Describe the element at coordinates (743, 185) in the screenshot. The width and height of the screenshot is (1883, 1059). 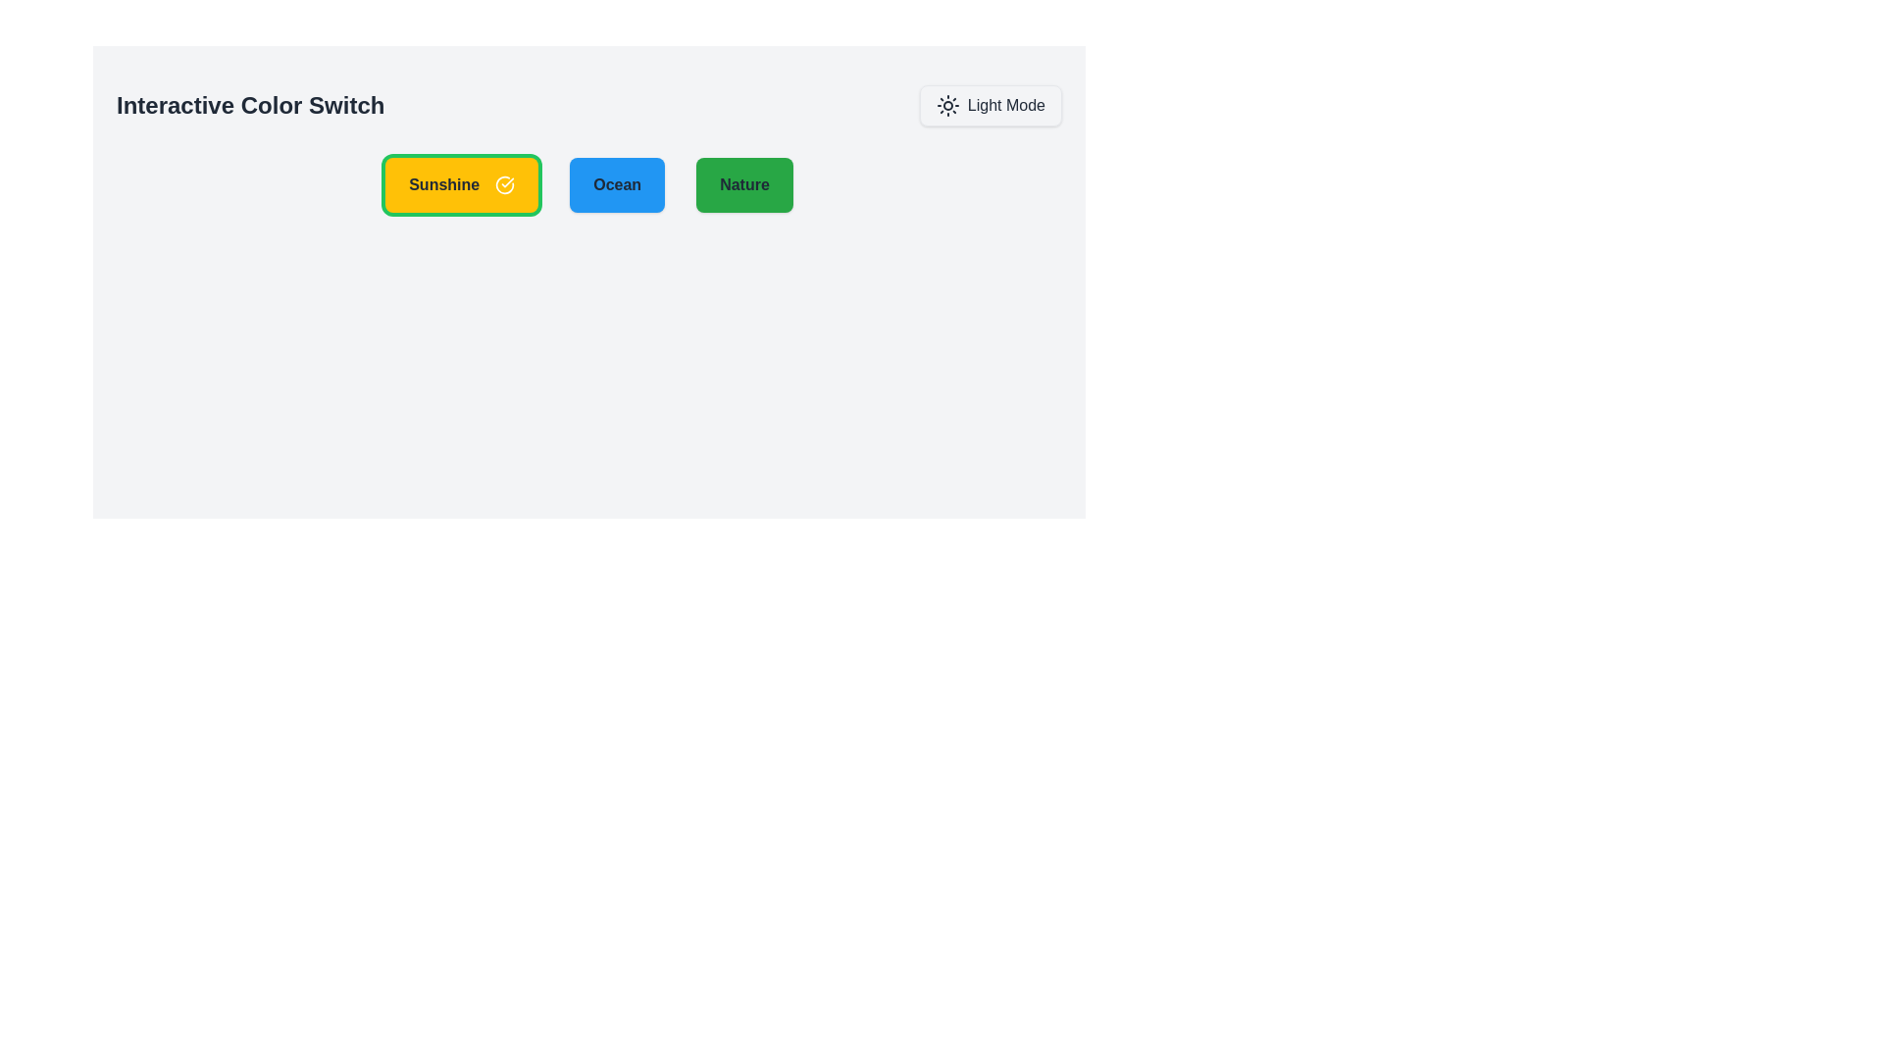
I see `text content of the bolded label that displays the word 'Nature', located inside the green button on the rightmost side of a horizontal layout` at that location.